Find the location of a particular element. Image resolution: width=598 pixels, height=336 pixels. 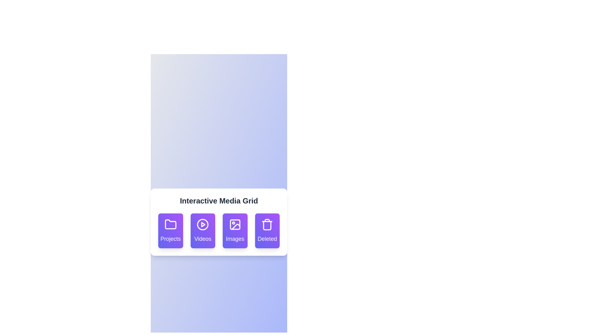

the 'Deleted' non-interactive card, which is the fourth card in a grid of four cards located at the bottom right of the interface is located at coordinates (267, 231).